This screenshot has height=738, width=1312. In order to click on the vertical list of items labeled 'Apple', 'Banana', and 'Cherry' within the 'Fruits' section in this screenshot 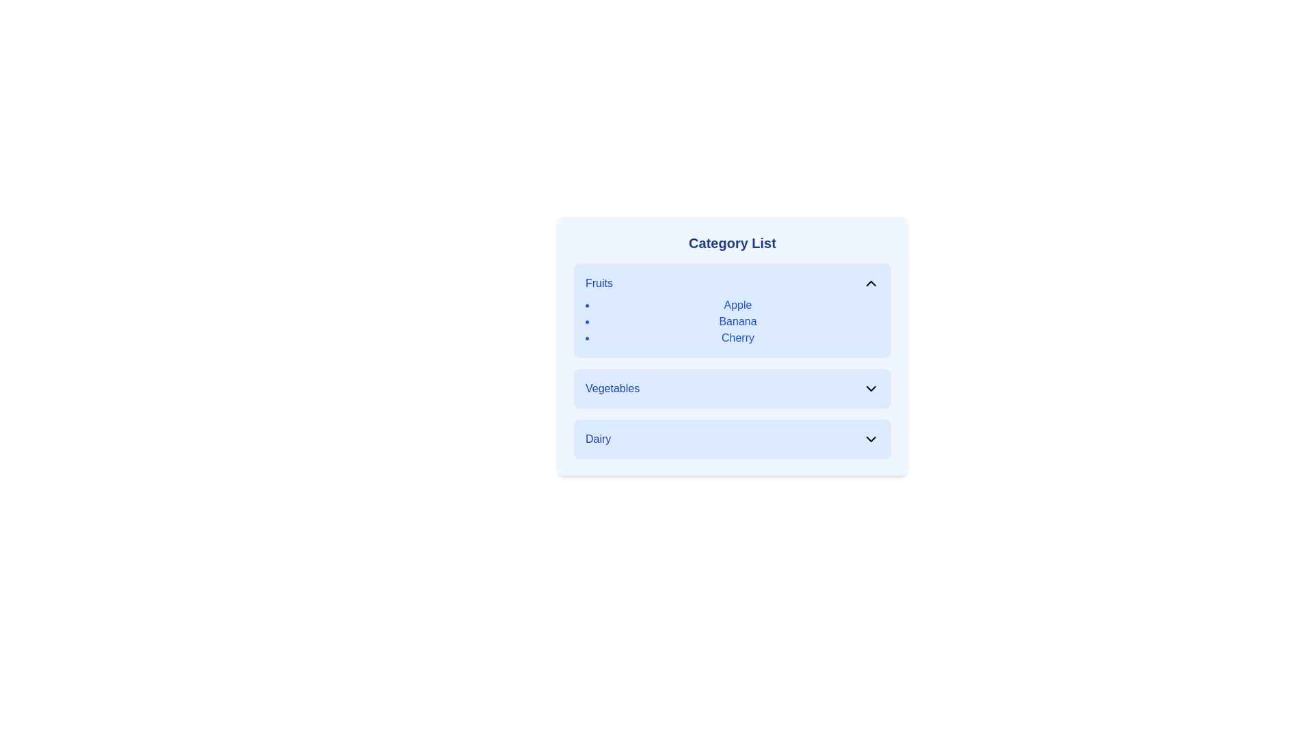, I will do `click(731, 321)`.